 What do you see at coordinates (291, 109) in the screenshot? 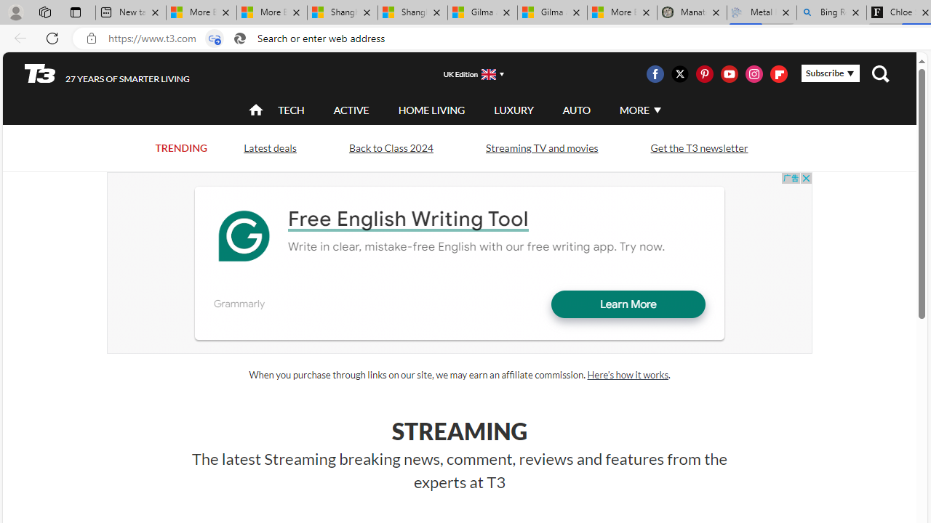
I see `'TECH'` at bounding box center [291, 109].